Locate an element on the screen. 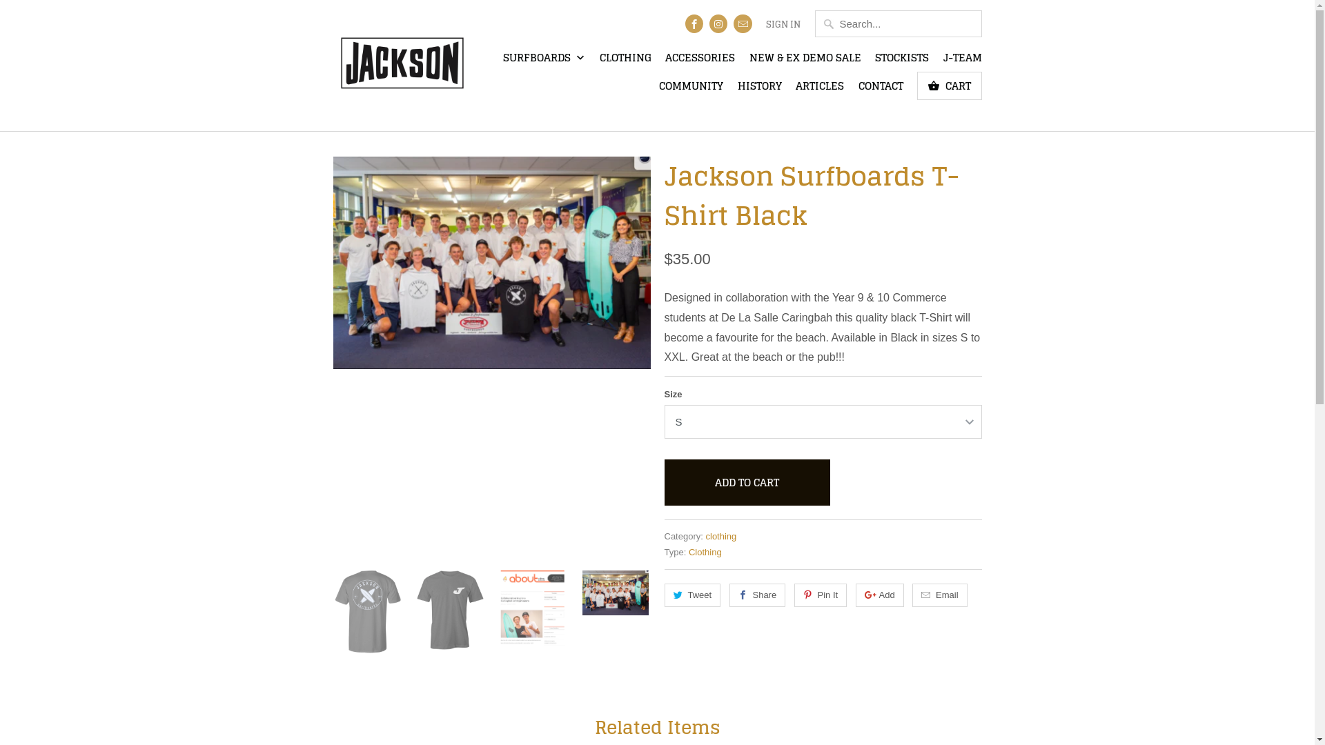 The width and height of the screenshot is (1325, 745). 'J-TEAM' is located at coordinates (961, 60).